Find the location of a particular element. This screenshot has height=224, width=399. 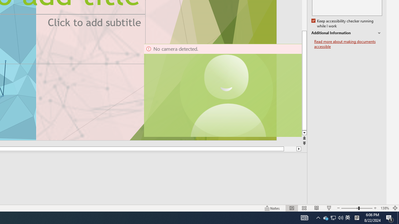

'Additional Information' is located at coordinates (346, 33).